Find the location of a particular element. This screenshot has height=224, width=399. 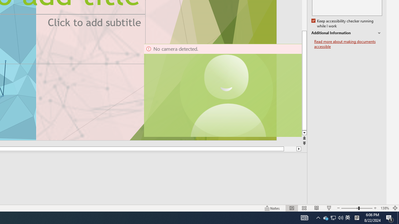

'Additional Information' is located at coordinates (346, 33).